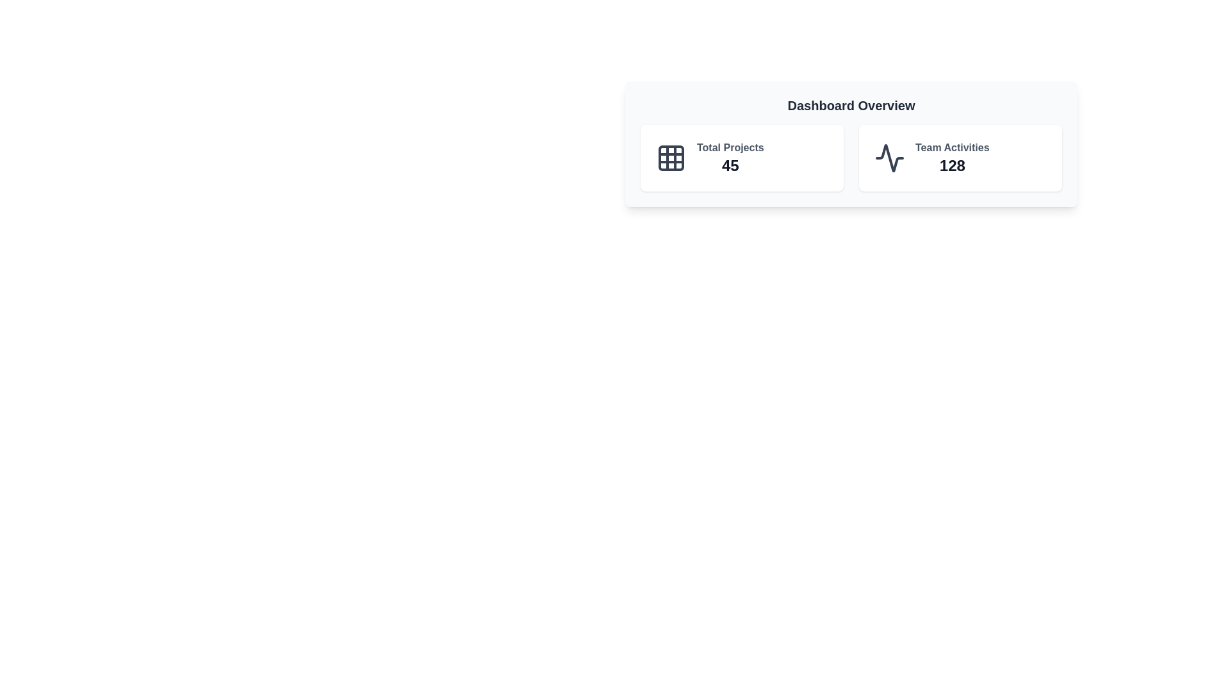 The width and height of the screenshot is (1230, 692). I want to click on the static text component displaying 'Total Projects' with the number '45', so click(730, 157).